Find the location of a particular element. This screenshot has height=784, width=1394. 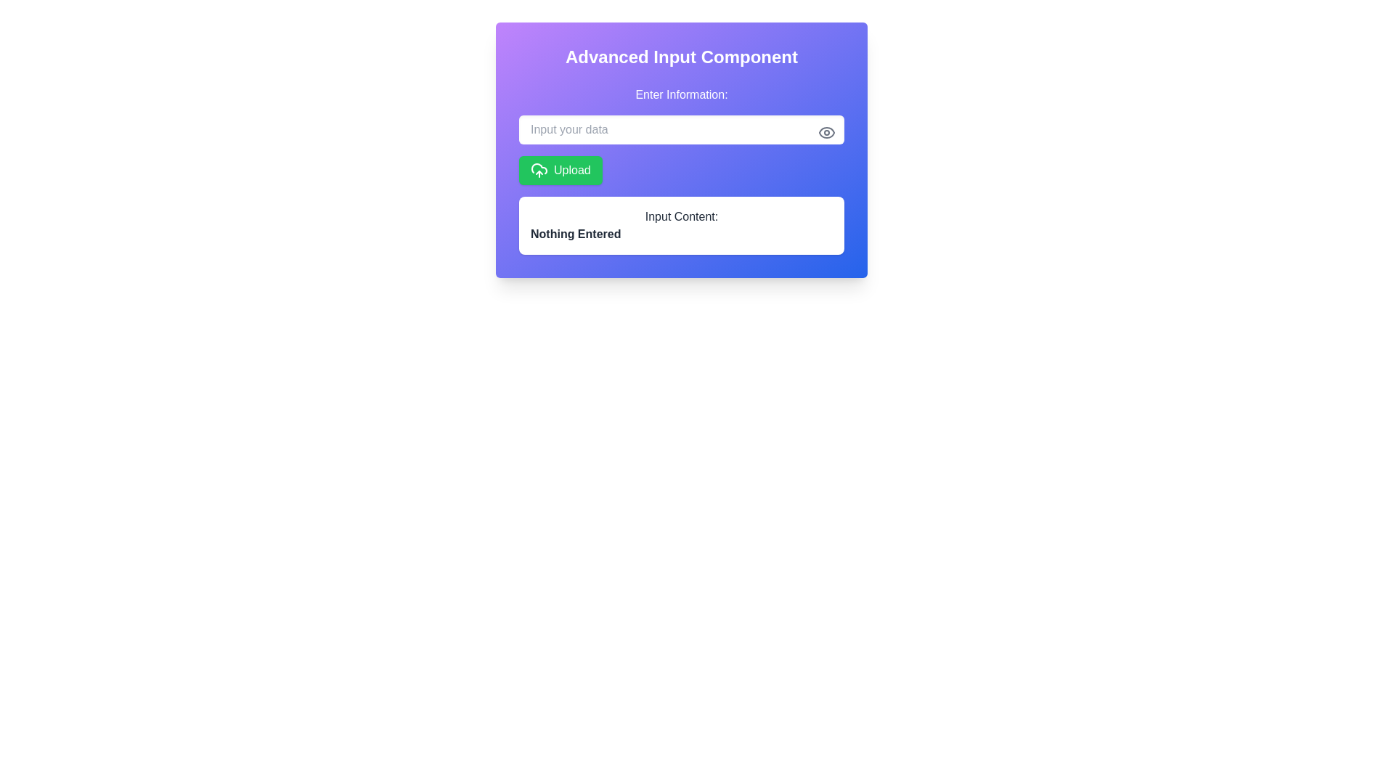

the Text Label that provides context for input-related content, located above the sibling element displaying 'Nothing Entered' is located at coordinates (681, 217).